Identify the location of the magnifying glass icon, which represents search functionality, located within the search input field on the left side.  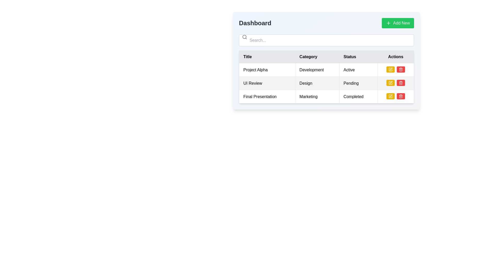
(244, 37).